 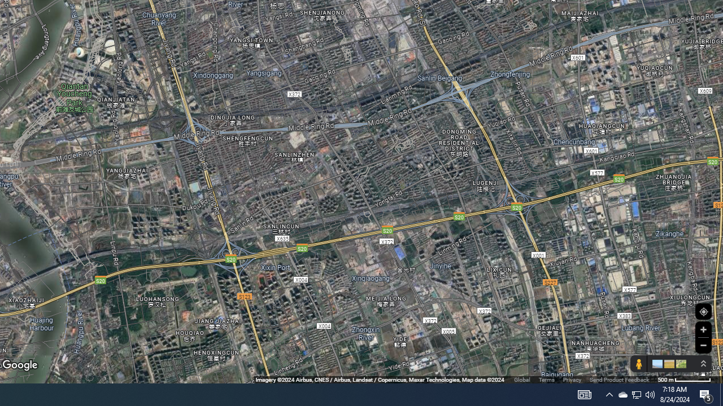 What do you see at coordinates (521, 379) in the screenshot?
I see `'Global'` at bounding box center [521, 379].